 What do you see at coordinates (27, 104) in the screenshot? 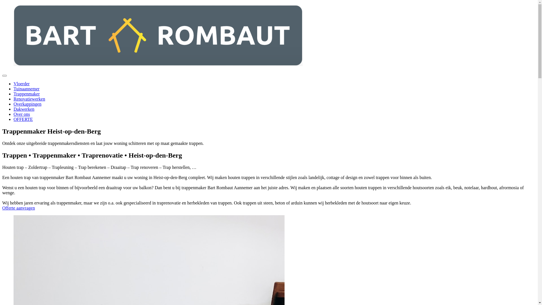
I see `'Overkappingen'` at bounding box center [27, 104].